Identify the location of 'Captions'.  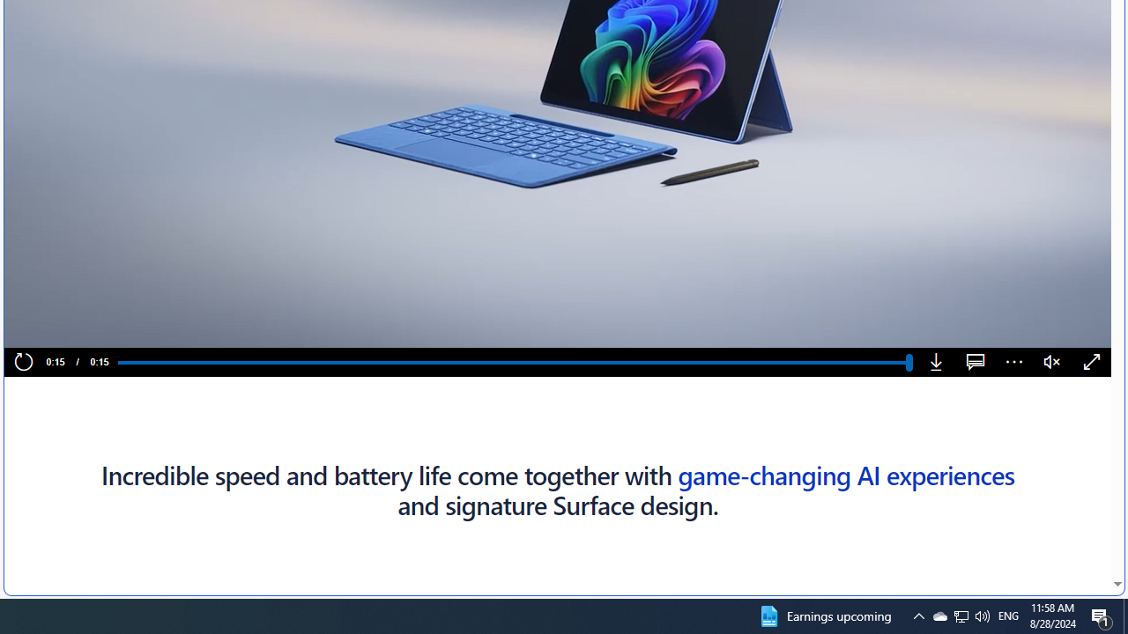
(975, 362).